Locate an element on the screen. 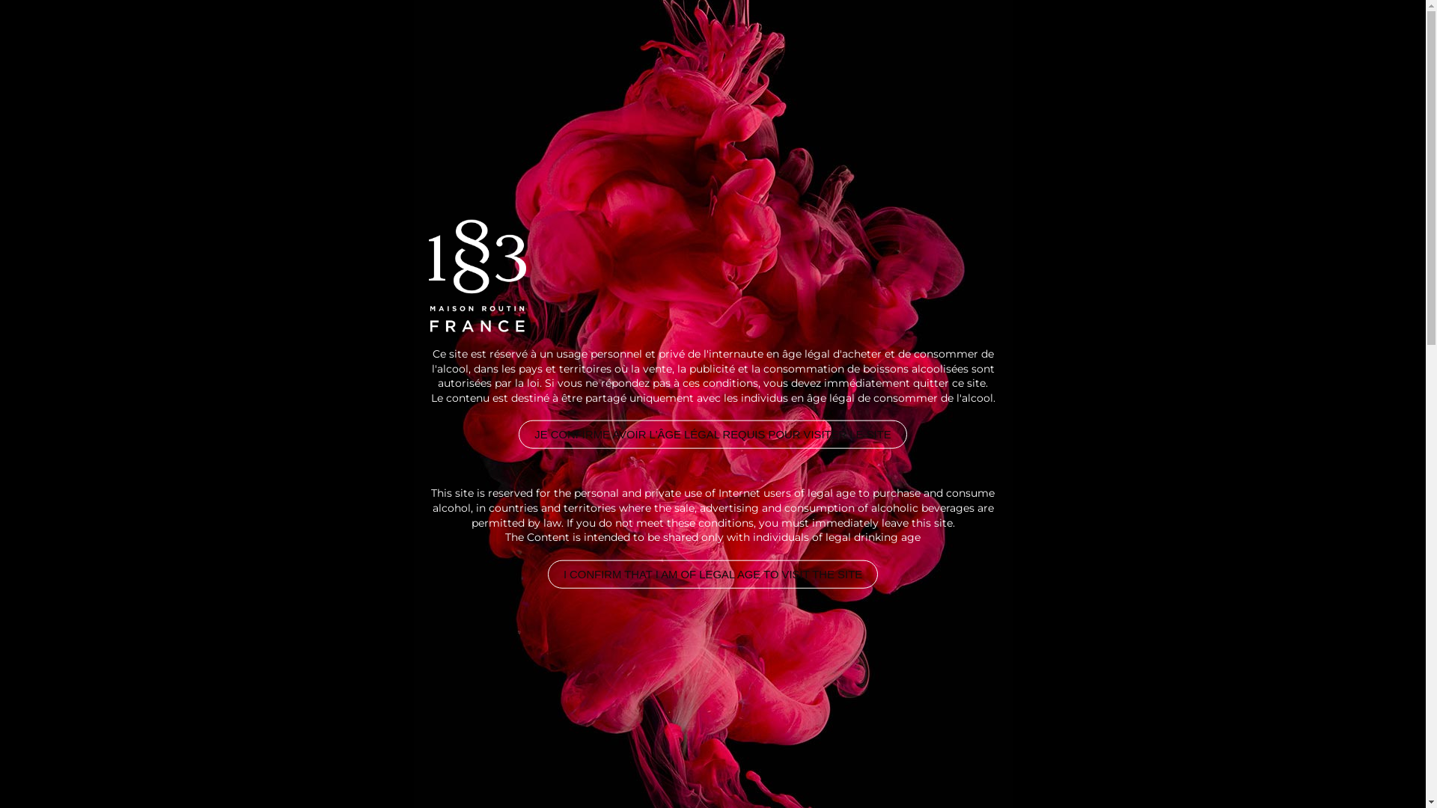  'ACCEPT' is located at coordinates (1370, 776).